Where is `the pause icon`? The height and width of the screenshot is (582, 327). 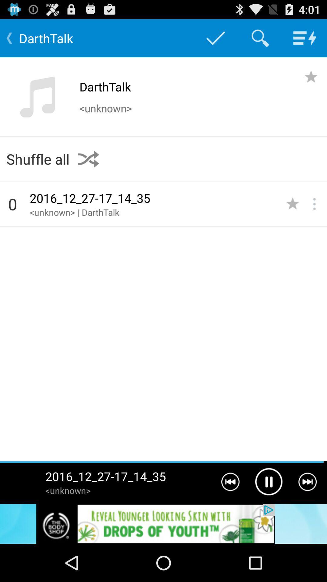 the pause icon is located at coordinates (268, 515).